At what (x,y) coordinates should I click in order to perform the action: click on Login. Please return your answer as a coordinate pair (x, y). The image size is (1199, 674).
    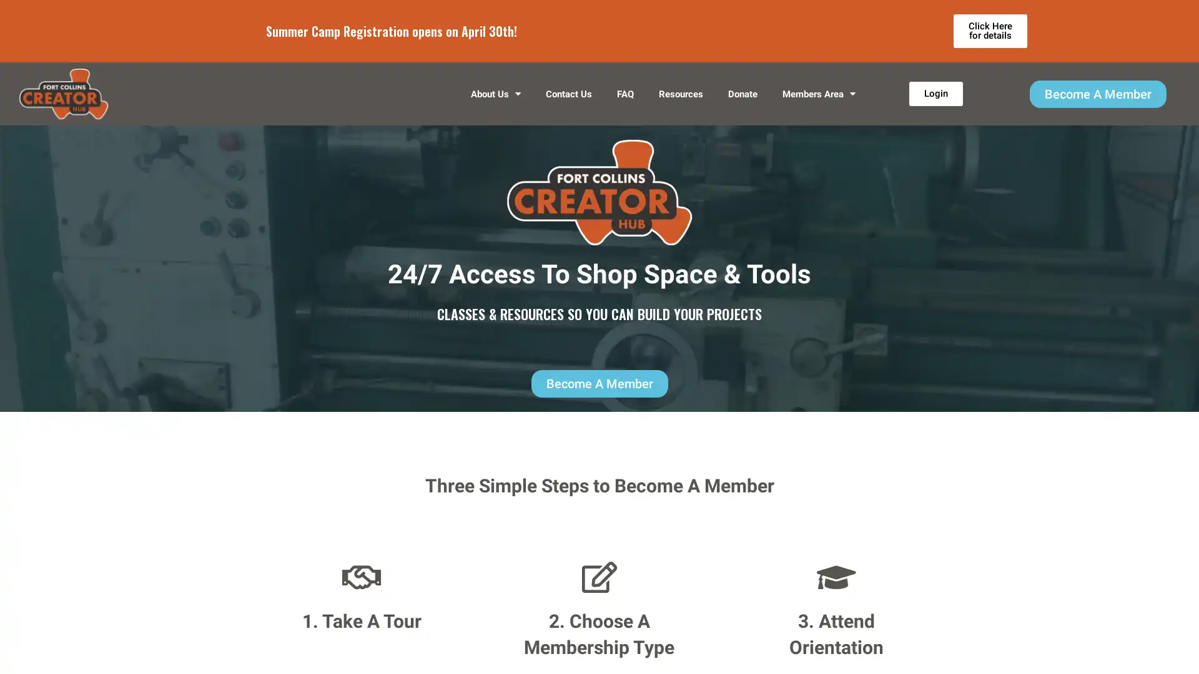
    Looking at the image, I should click on (935, 93).